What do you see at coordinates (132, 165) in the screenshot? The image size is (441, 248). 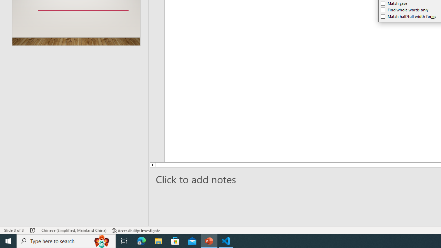 I see `'Line up'` at bounding box center [132, 165].